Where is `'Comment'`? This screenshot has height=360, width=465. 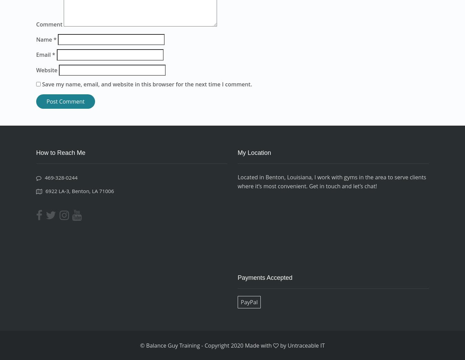
'Comment' is located at coordinates (49, 24).